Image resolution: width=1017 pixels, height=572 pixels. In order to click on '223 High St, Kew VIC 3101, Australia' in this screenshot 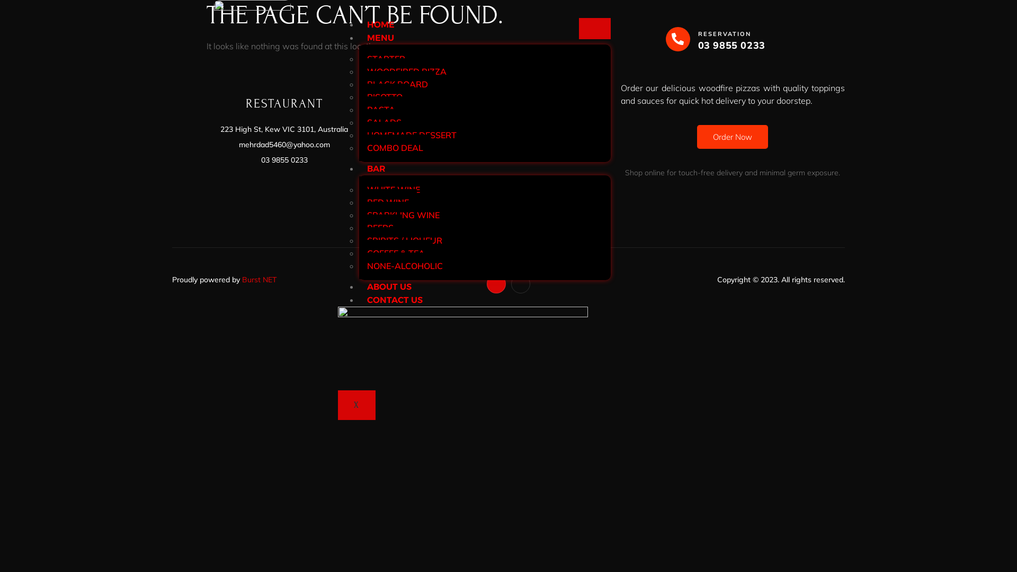, I will do `click(284, 129)`.